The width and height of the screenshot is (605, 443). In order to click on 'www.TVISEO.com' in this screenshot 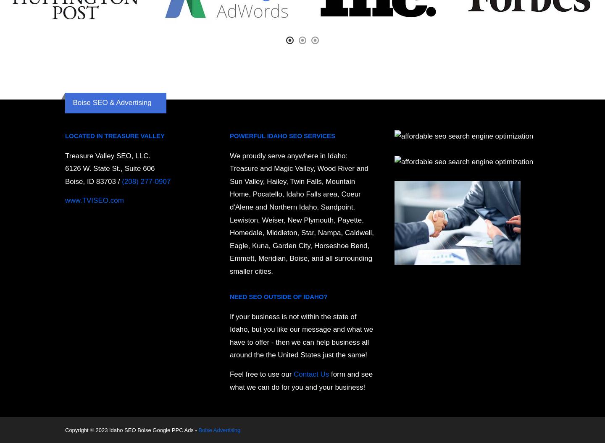, I will do `click(94, 200)`.